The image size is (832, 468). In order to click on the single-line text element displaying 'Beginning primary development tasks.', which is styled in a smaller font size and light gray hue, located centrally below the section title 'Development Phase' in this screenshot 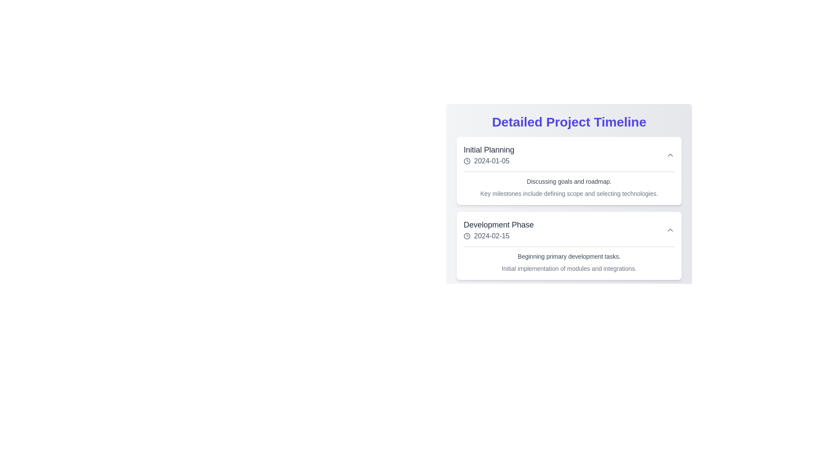, I will do `click(569, 256)`.